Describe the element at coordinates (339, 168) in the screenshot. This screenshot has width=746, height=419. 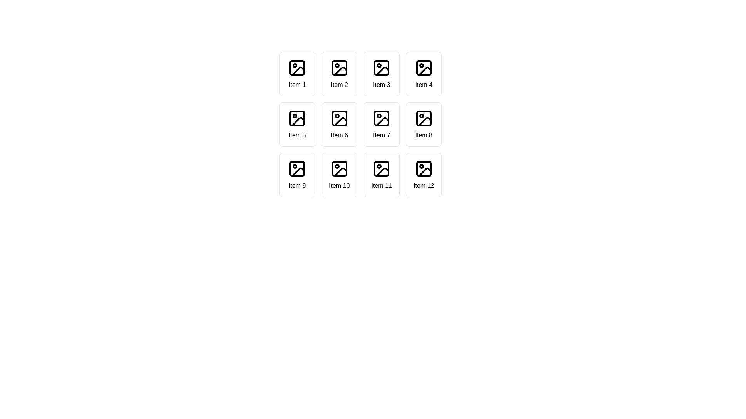
I see `the image placeholder icon located in 'Item 10' of the grid layout, which is identifiable by its rectangular outline and circular detail in the top-left area` at that location.